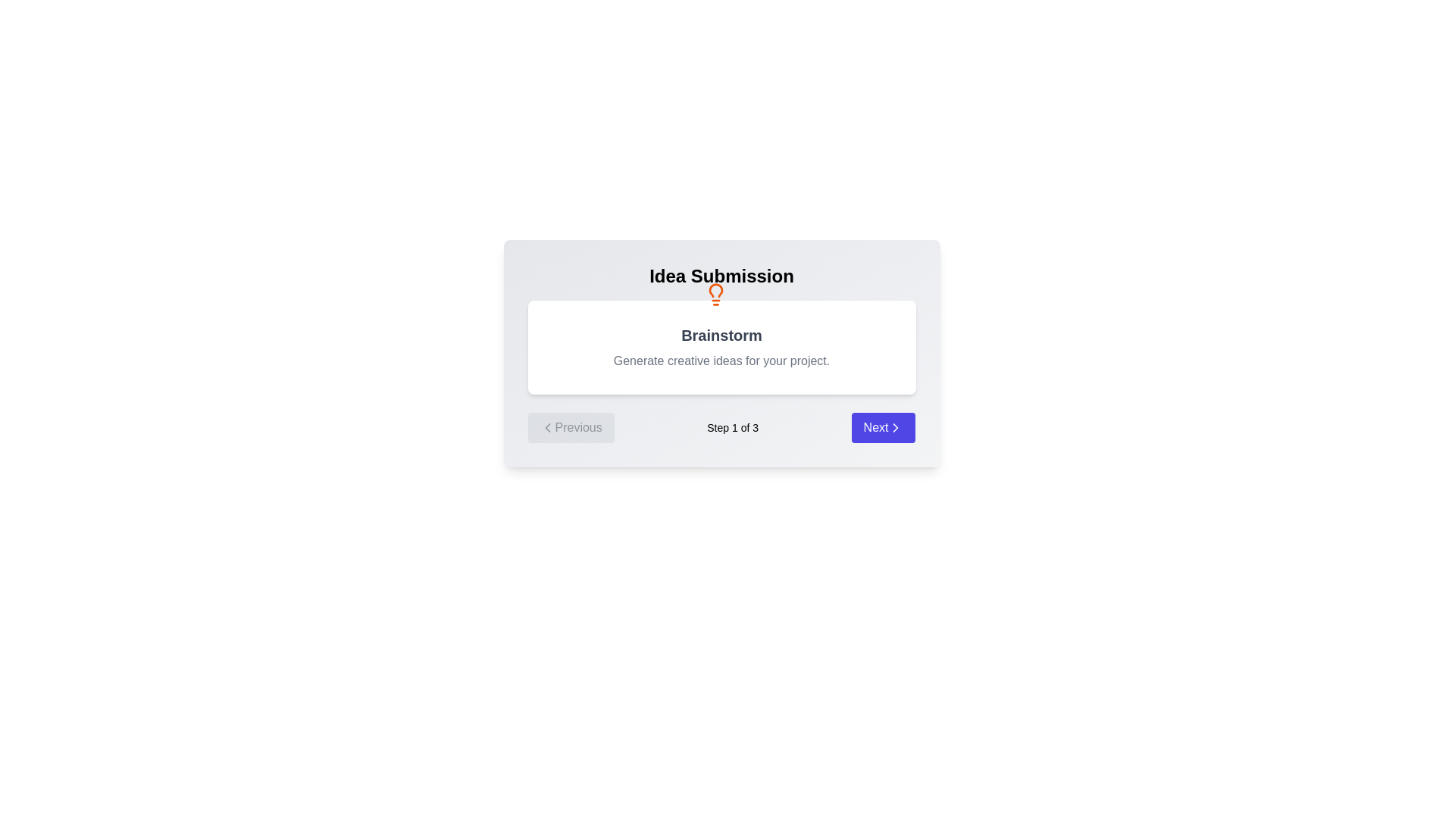 The width and height of the screenshot is (1455, 818). I want to click on 'Next' button to navigate to the next step, so click(884, 427).